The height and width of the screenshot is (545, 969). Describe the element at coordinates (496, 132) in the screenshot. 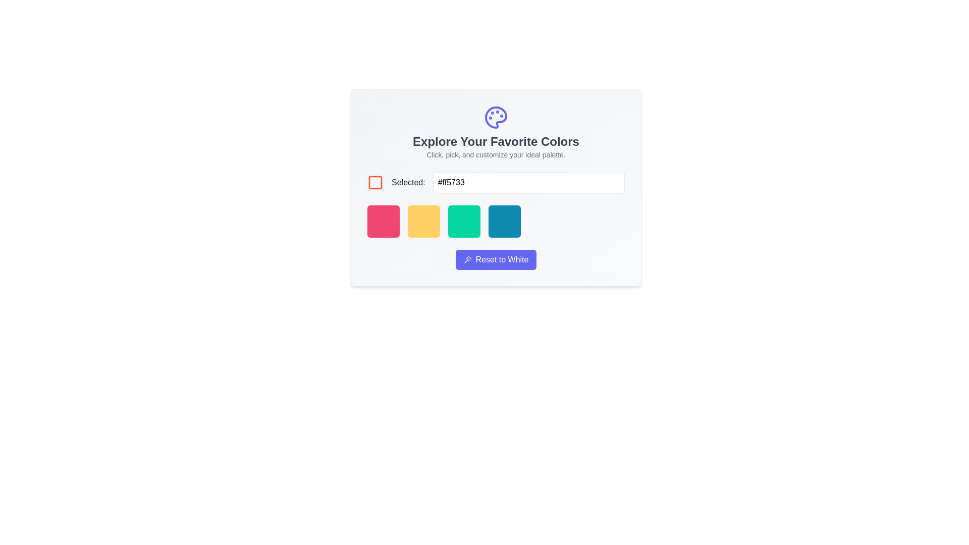

I see `the Informational Banner featuring the colorful palette icon and the text 'Explore Your Favorite Colors' and 'Click, pick, and customize your ideal palette.'` at that location.